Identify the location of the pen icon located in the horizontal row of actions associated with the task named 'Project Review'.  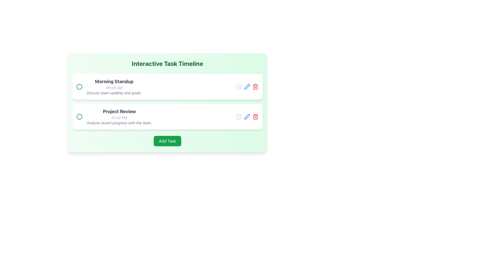
(247, 117).